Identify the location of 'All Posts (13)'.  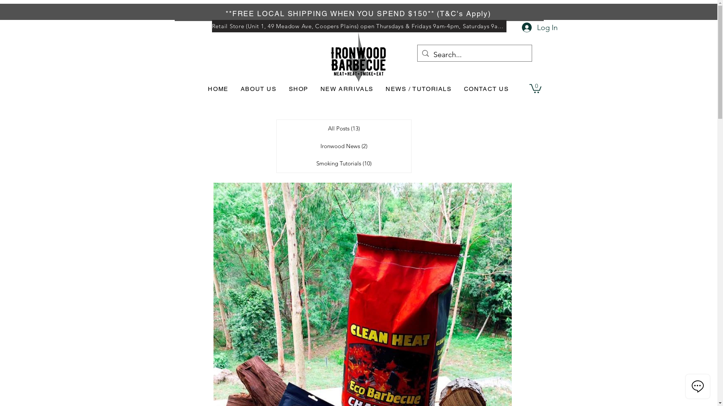
(343, 128).